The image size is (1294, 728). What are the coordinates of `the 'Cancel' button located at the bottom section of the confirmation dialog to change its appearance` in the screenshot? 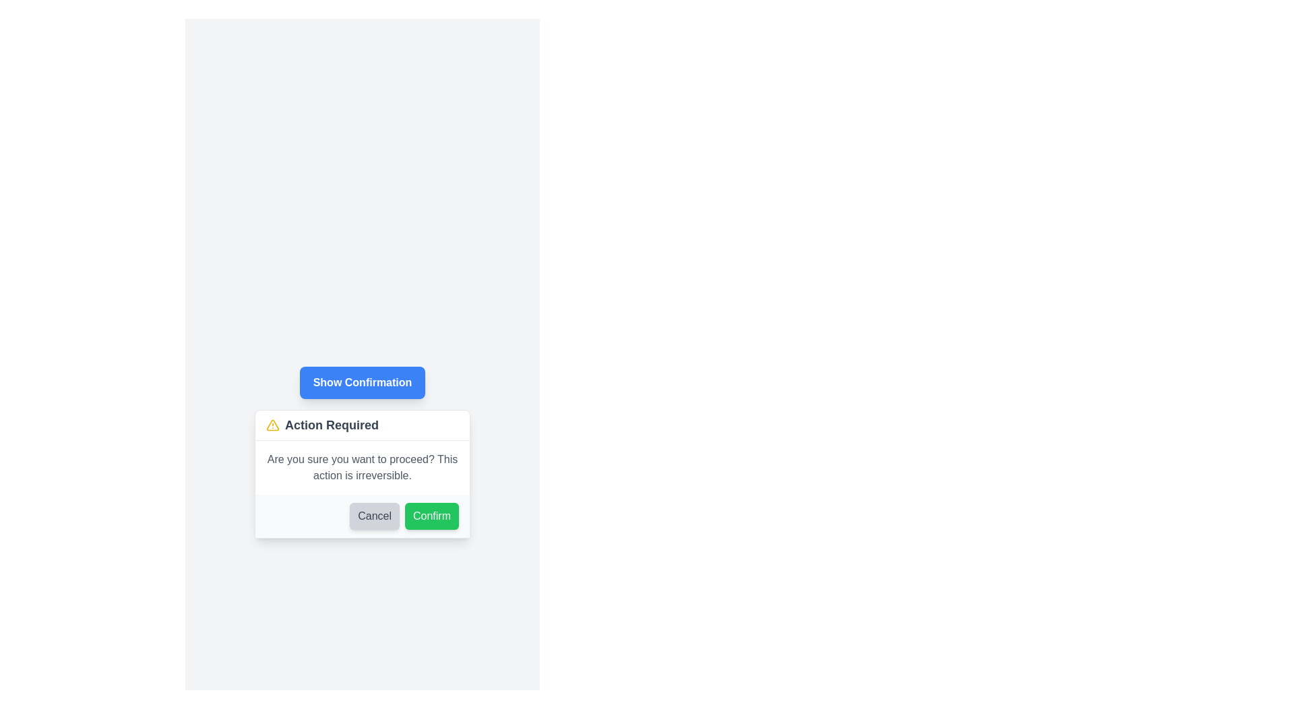 It's located at (375, 516).